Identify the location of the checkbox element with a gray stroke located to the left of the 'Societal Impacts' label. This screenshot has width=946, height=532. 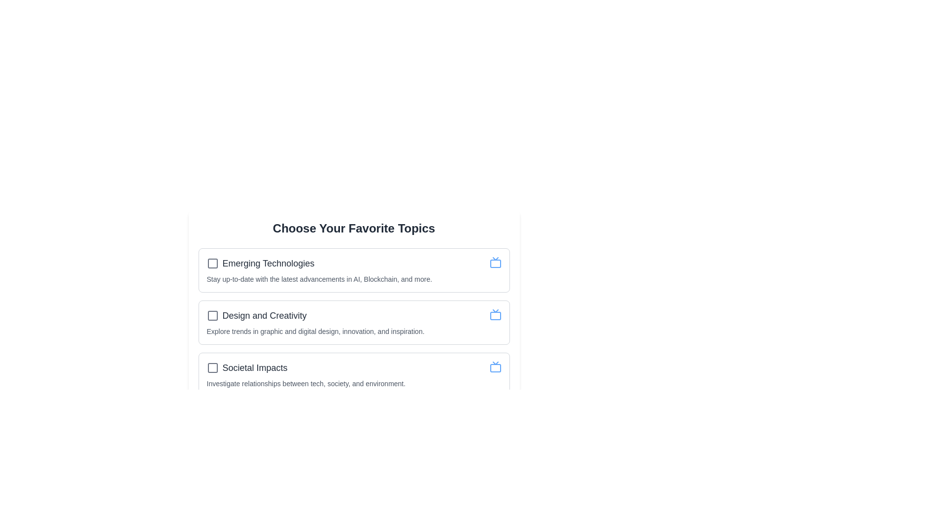
(212, 368).